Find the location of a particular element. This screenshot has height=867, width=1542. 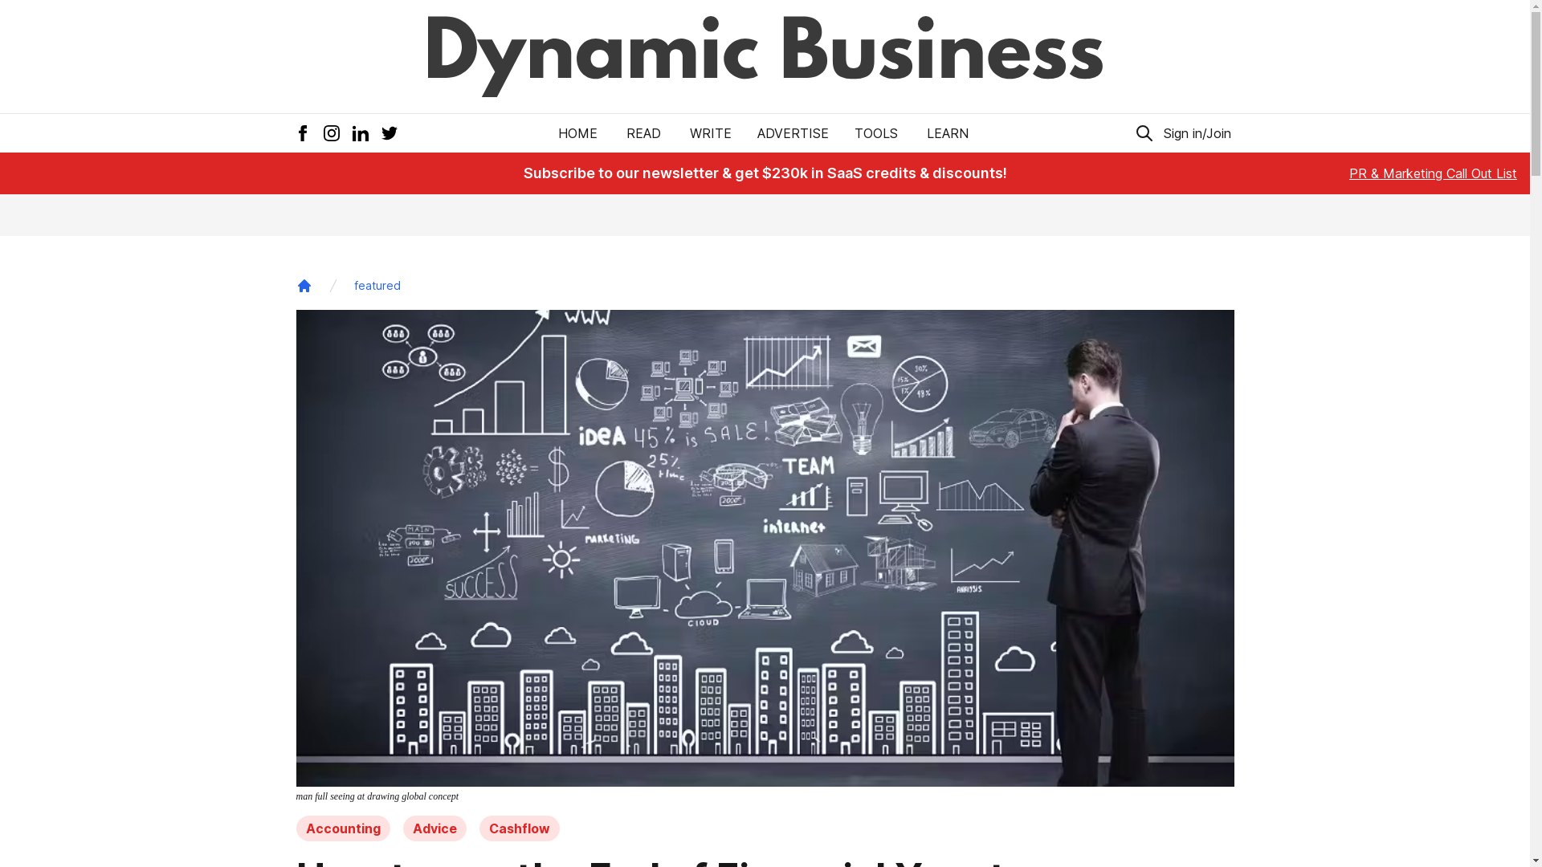

'READ' is located at coordinates (643, 132).